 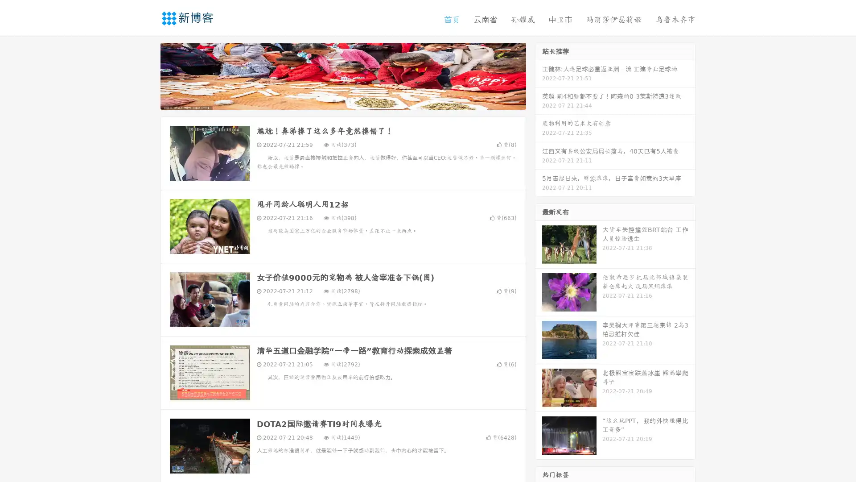 I want to click on Go to slide 1, so click(x=333, y=100).